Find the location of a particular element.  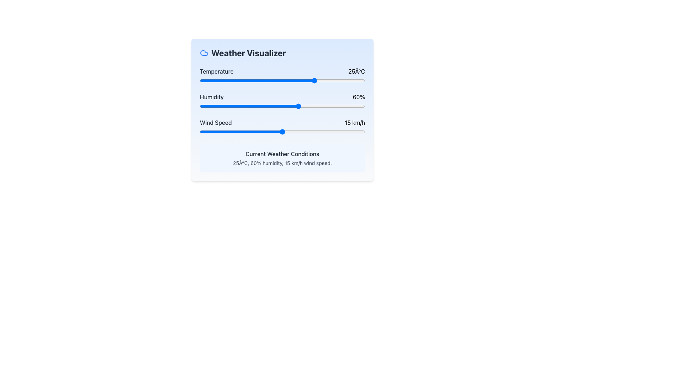

wind speed is located at coordinates (233, 132).